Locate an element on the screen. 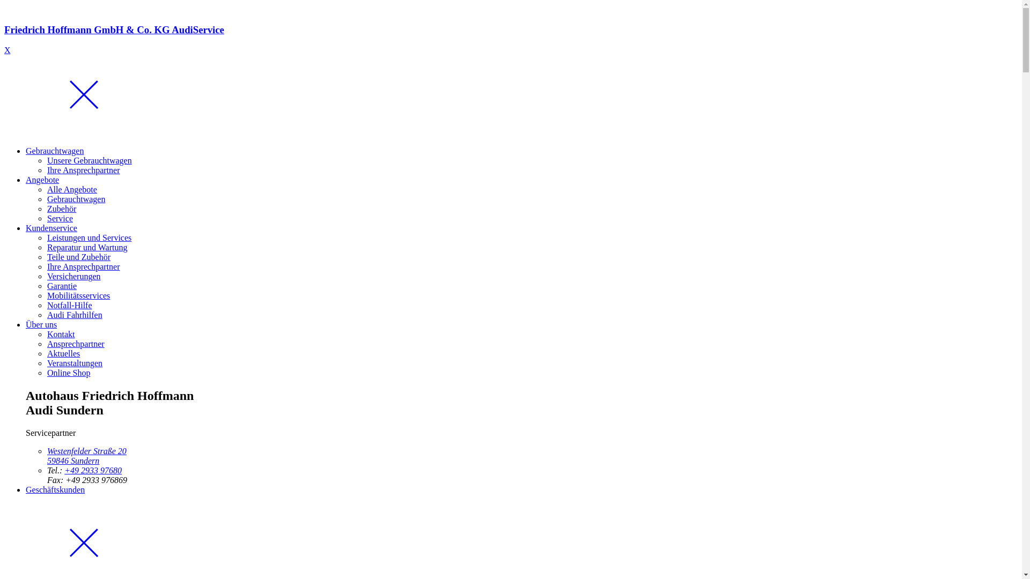 The image size is (1030, 579). 'Aktuelles' is located at coordinates (63, 353).